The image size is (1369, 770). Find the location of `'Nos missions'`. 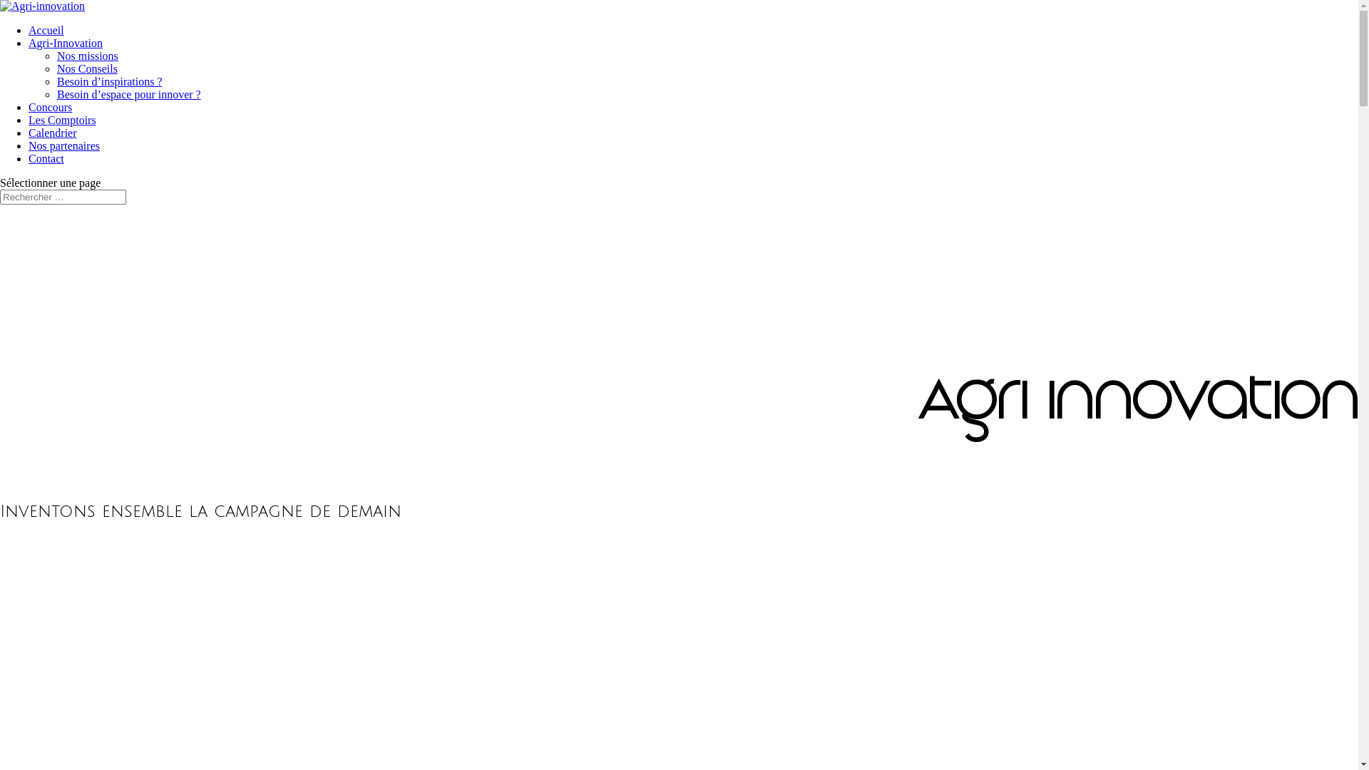

'Nos missions' is located at coordinates (57, 55).